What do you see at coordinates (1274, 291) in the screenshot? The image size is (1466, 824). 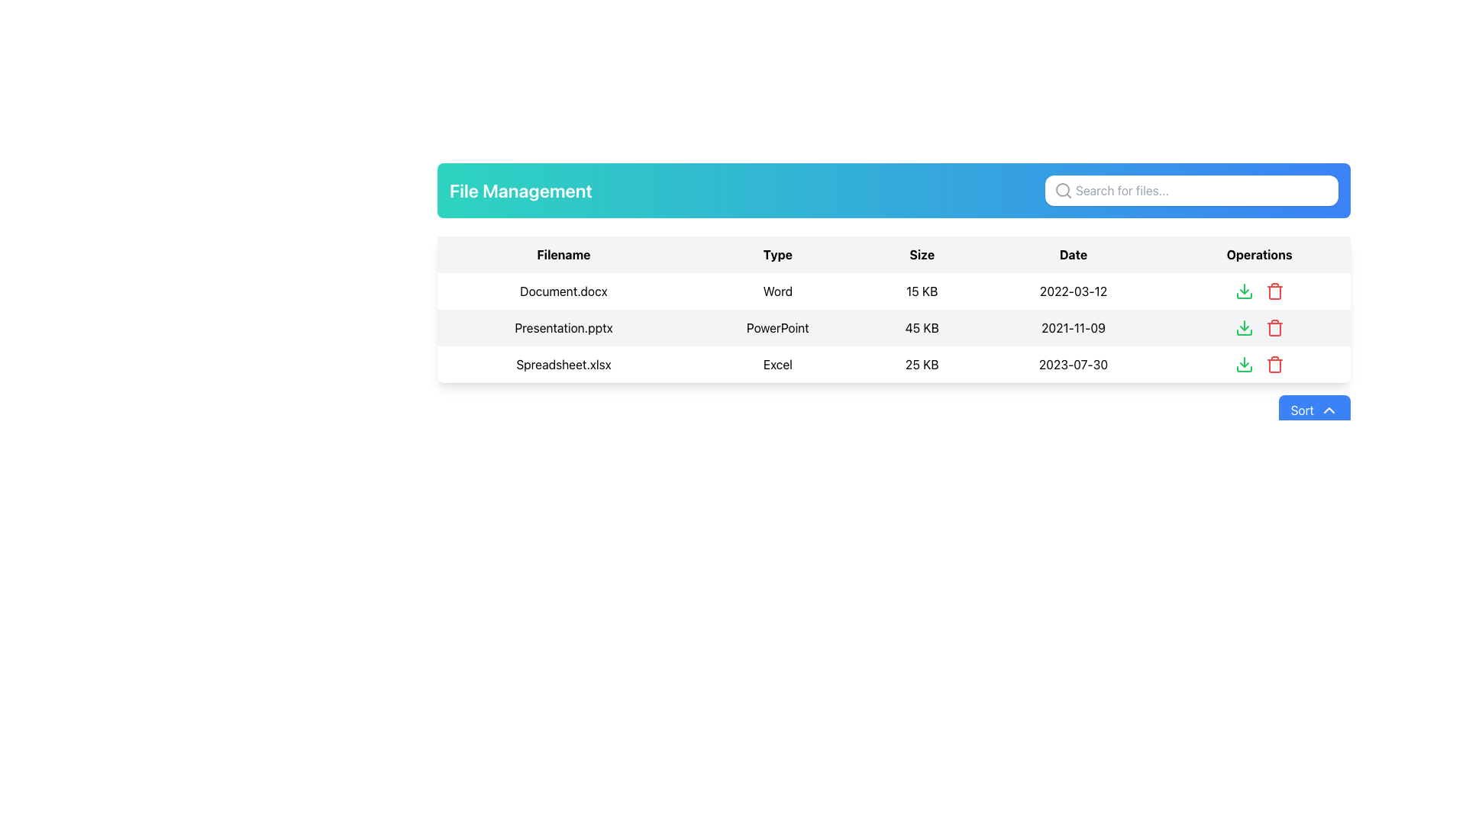 I see `the trash can button in the Operations column of the third row` at bounding box center [1274, 291].